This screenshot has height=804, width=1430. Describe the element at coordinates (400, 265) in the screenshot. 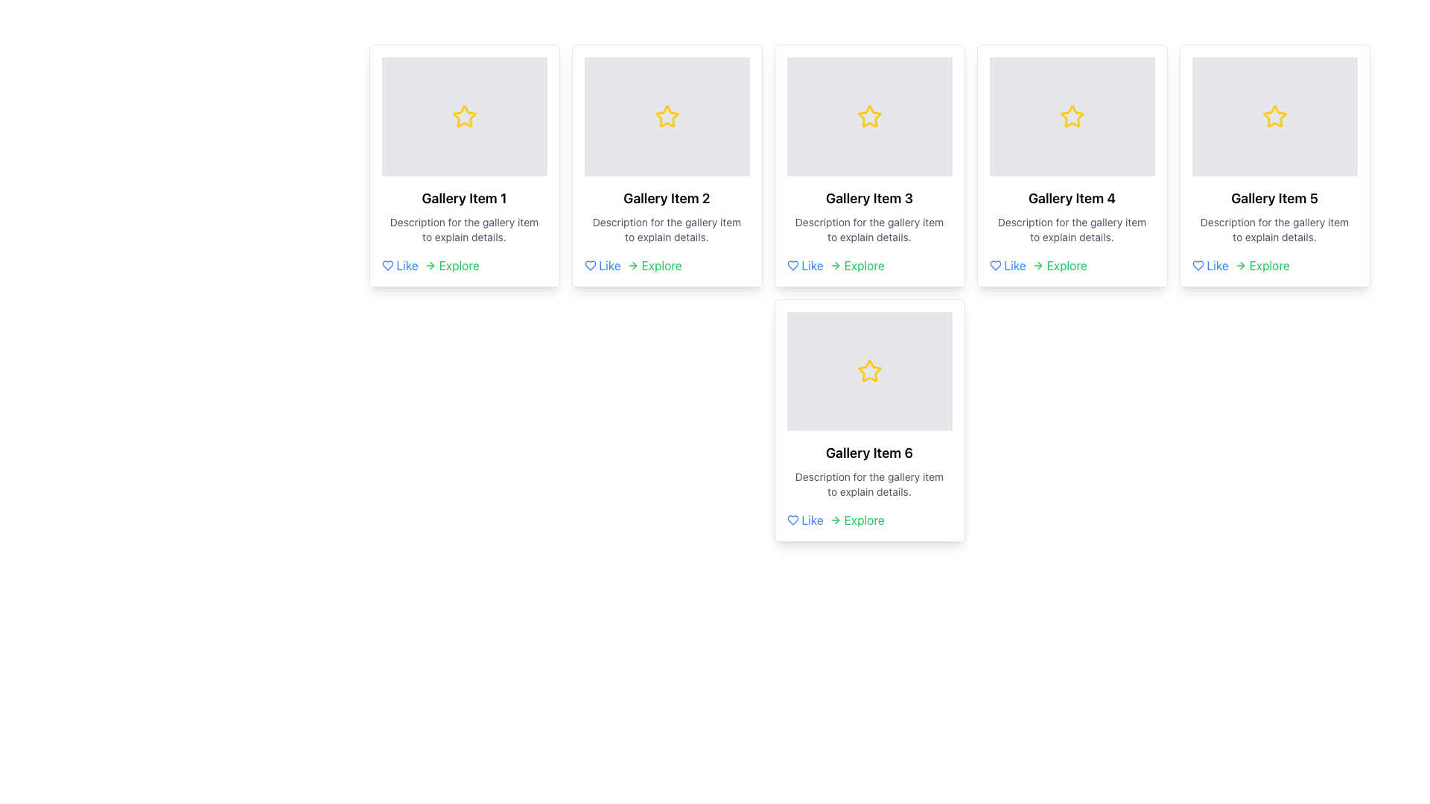

I see `the clickable link at the bottom-left of the first gallery card` at that location.